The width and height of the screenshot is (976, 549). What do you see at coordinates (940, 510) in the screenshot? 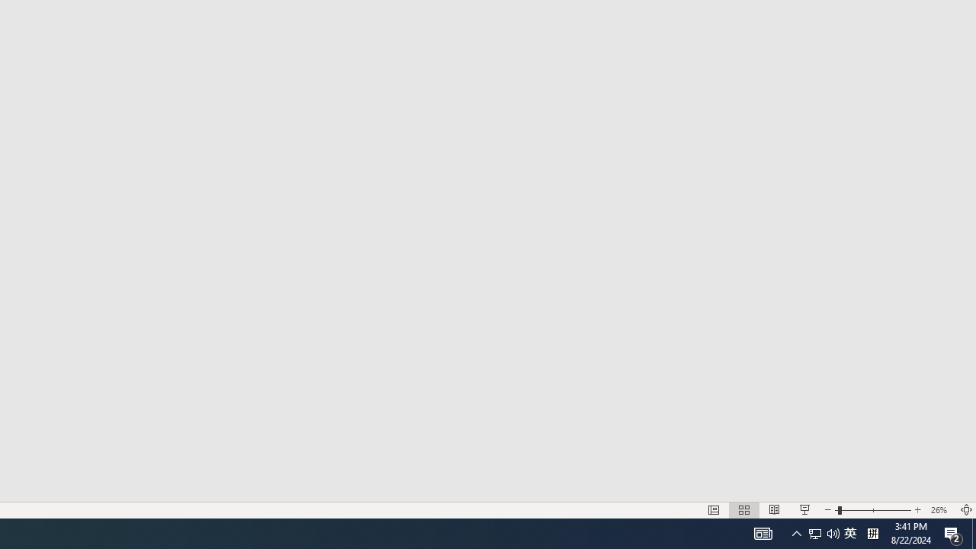
I see `'Zoom 26%'` at bounding box center [940, 510].